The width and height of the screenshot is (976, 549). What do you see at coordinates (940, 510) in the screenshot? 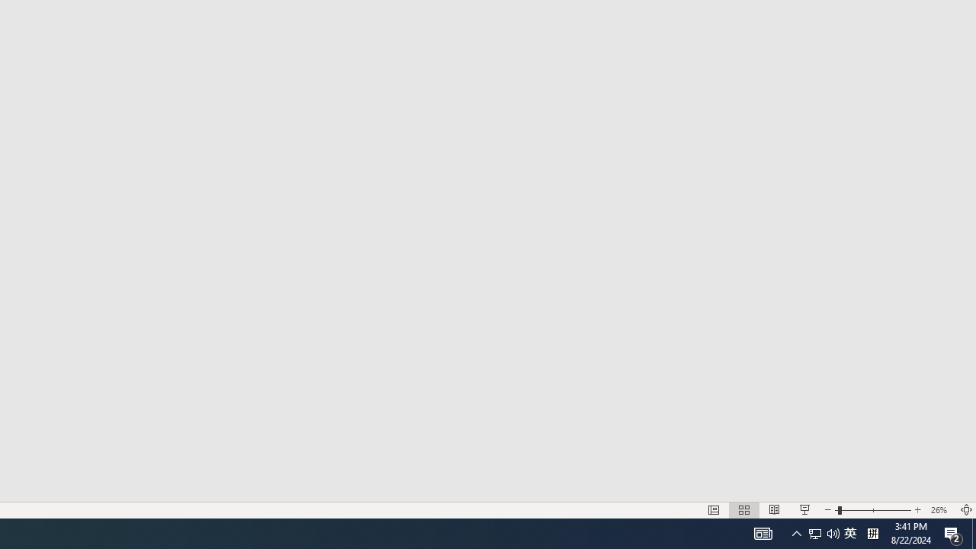
I see `'Zoom 26%'` at bounding box center [940, 510].